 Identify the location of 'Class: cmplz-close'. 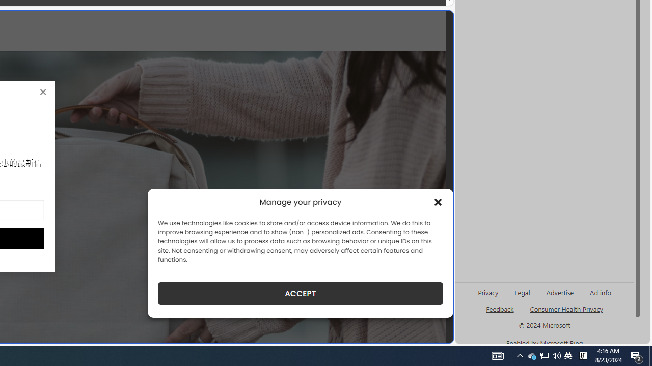
(438, 202).